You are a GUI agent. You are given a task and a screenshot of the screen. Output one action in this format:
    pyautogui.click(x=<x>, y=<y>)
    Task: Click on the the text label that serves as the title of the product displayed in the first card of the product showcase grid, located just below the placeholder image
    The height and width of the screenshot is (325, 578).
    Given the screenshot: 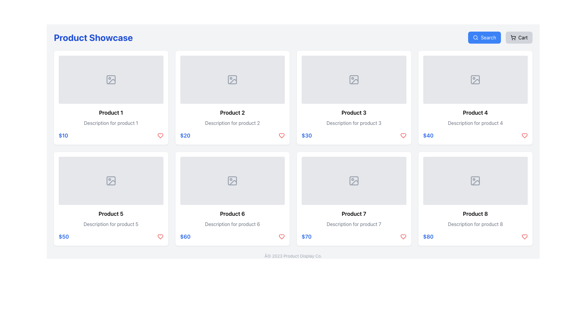 What is the action you would take?
    pyautogui.click(x=111, y=113)
    